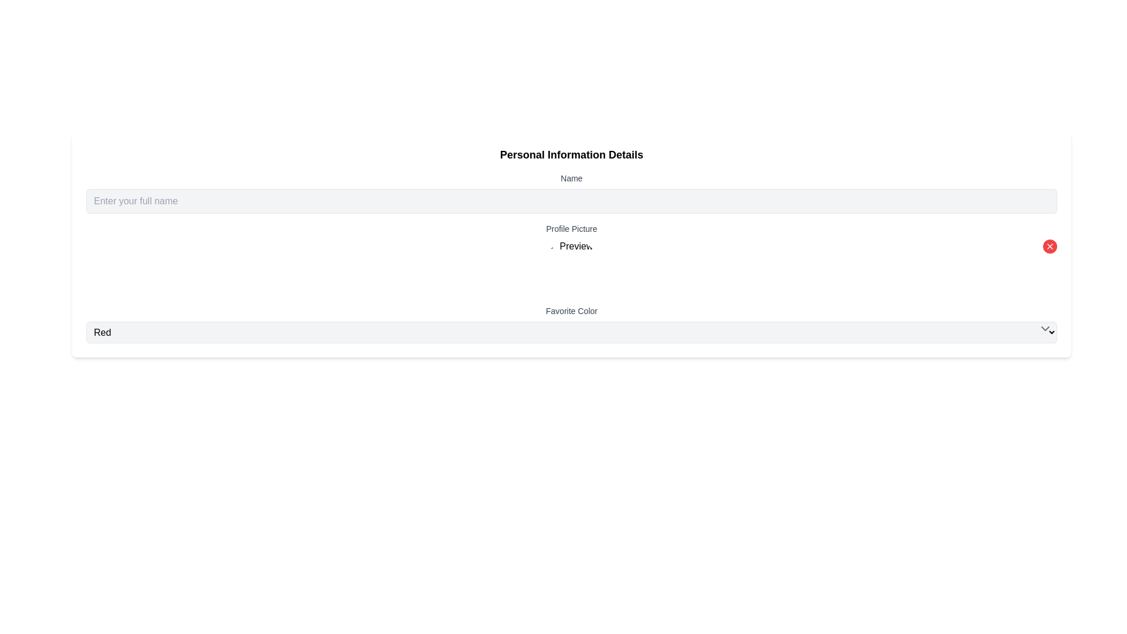  Describe the element at coordinates (572, 154) in the screenshot. I see `the text header at the top-center of the content area, which is styled with a larger font and bold weight, indicating a section title` at that location.